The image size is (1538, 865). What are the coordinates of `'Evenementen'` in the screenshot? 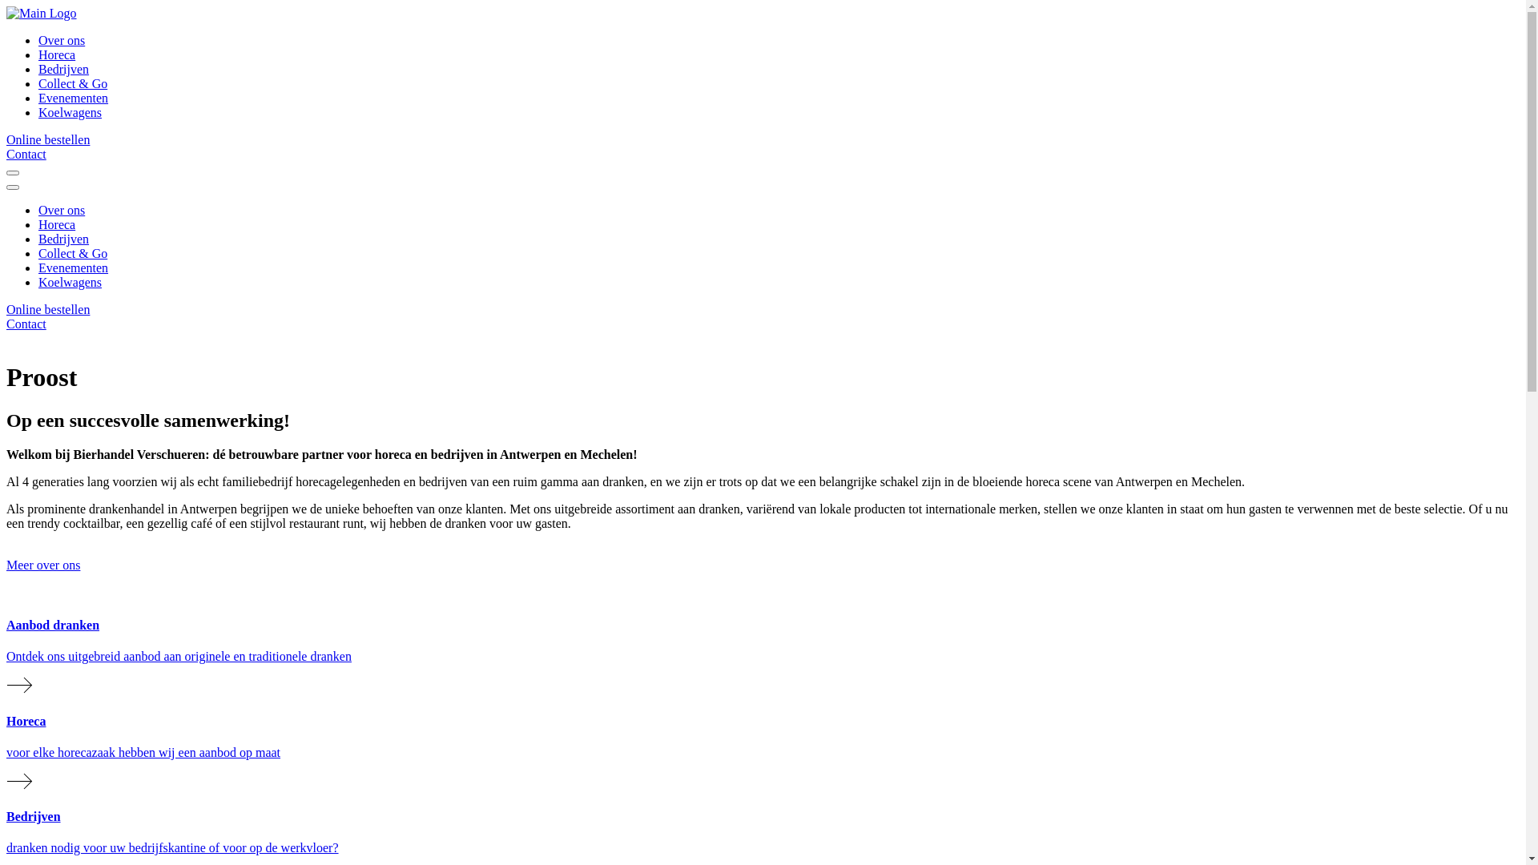 It's located at (72, 98).